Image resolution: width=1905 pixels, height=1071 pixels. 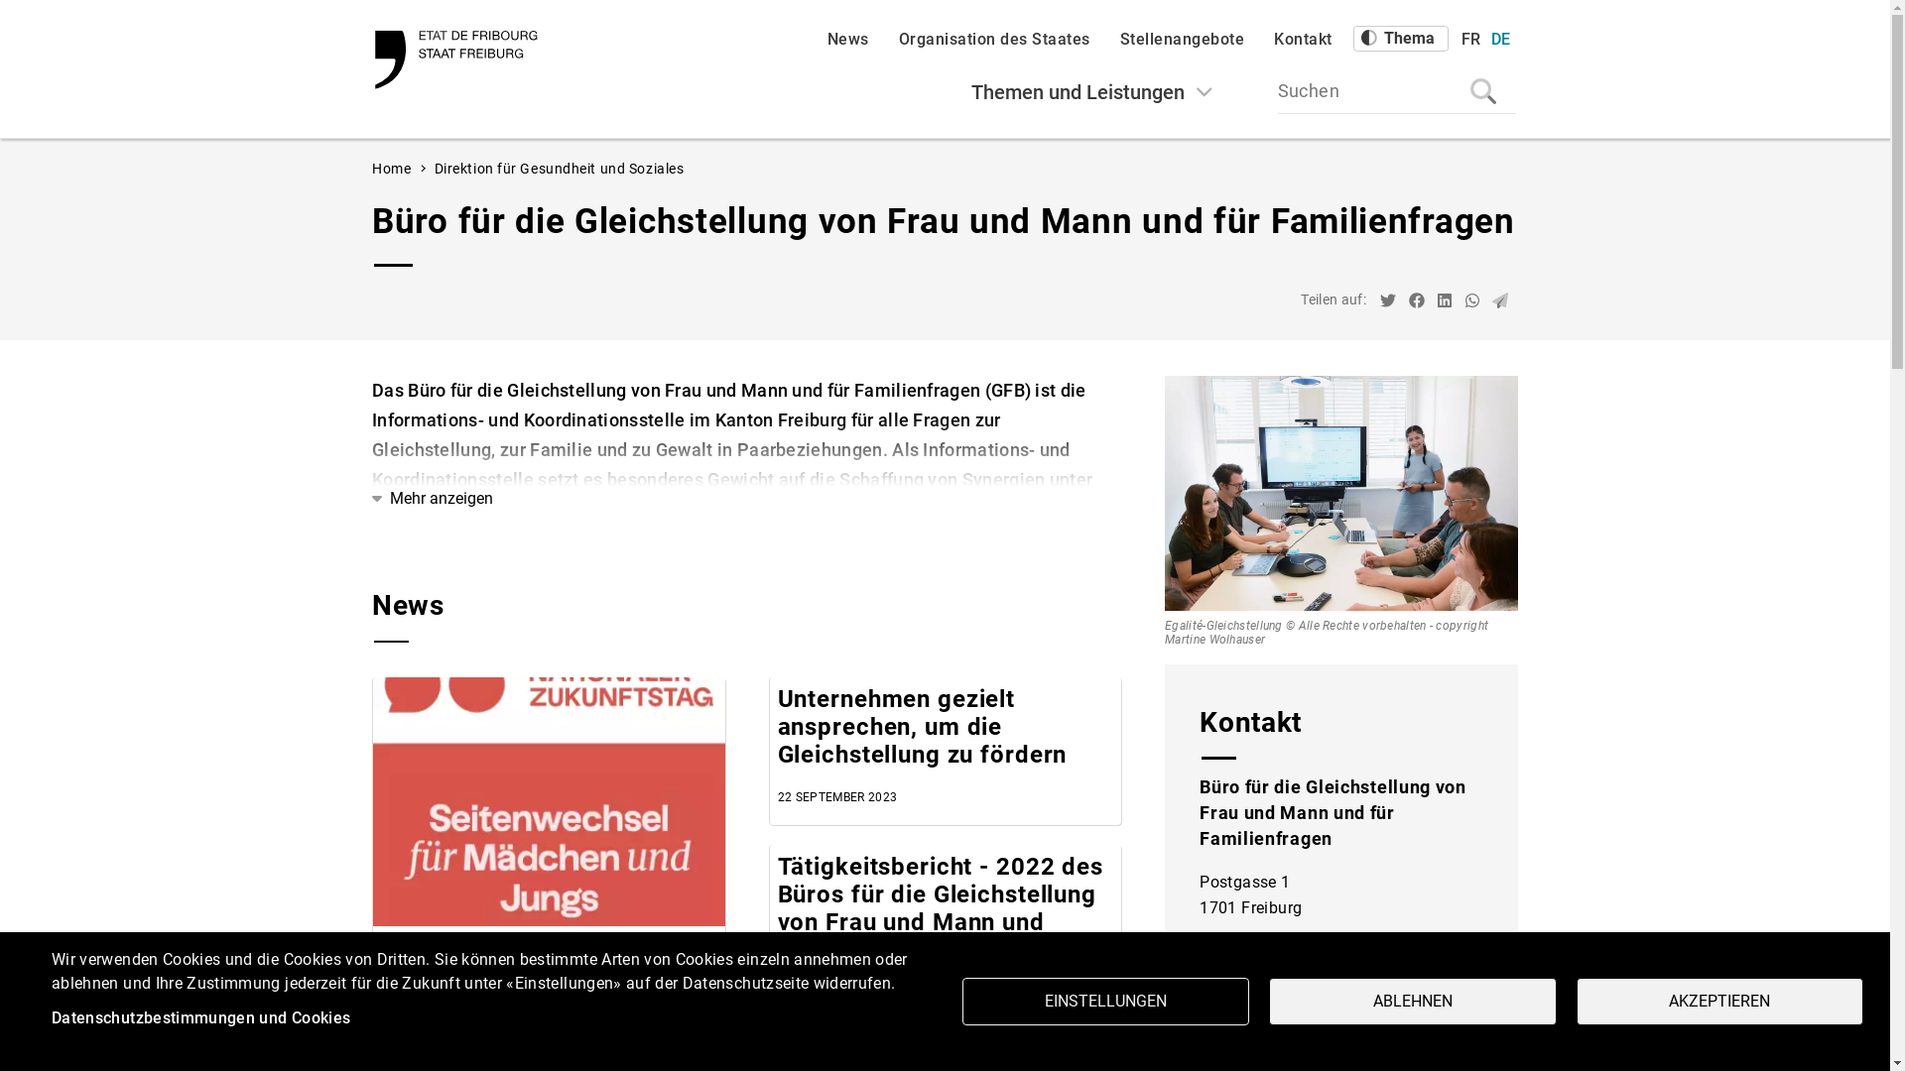 What do you see at coordinates (371, 497) in the screenshot?
I see `'Mehr anzeigen'` at bounding box center [371, 497].